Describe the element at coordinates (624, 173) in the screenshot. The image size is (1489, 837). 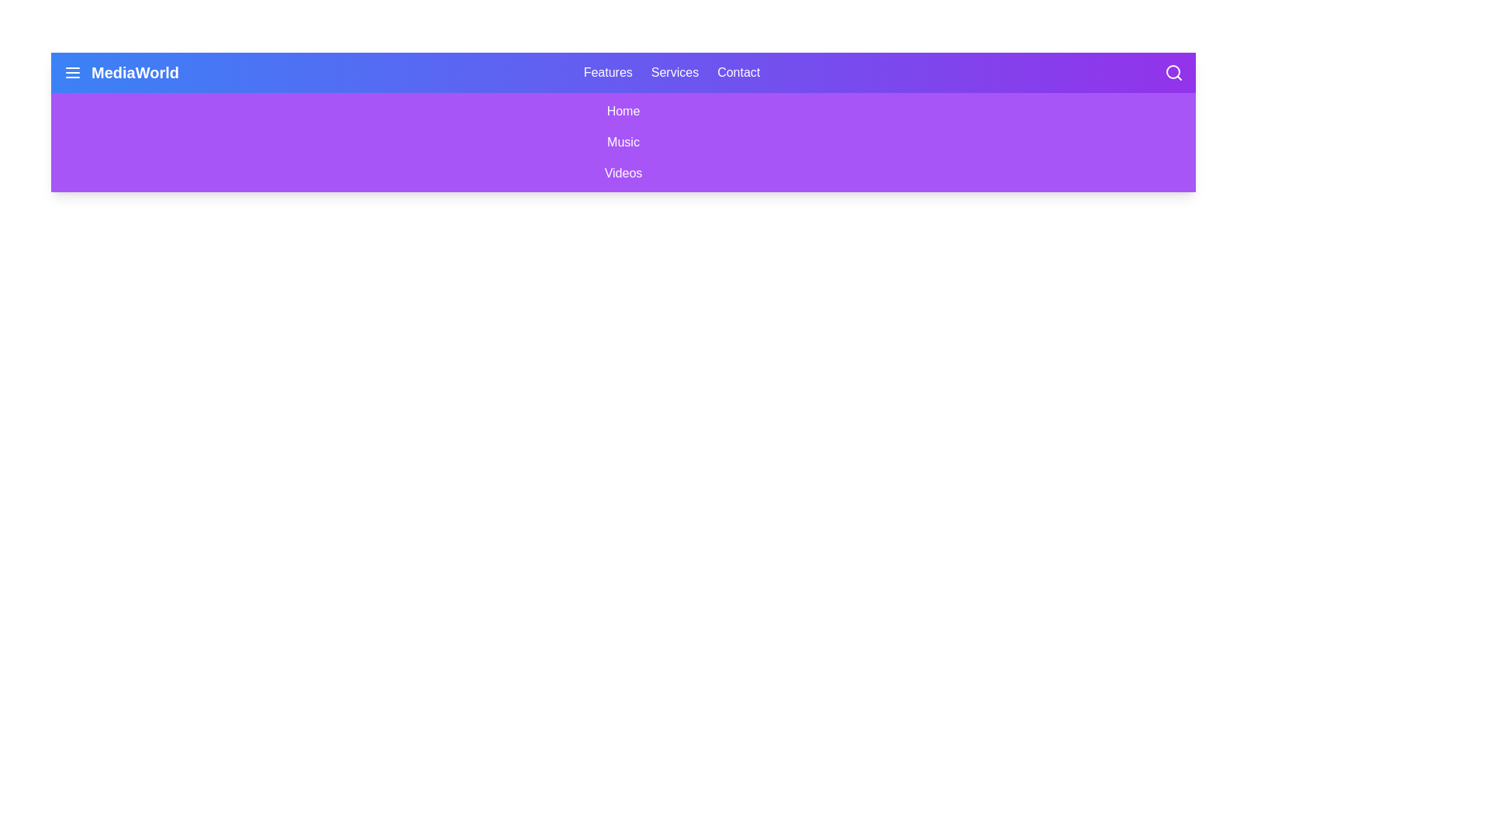
I see `the 'Videos' button` at that location.